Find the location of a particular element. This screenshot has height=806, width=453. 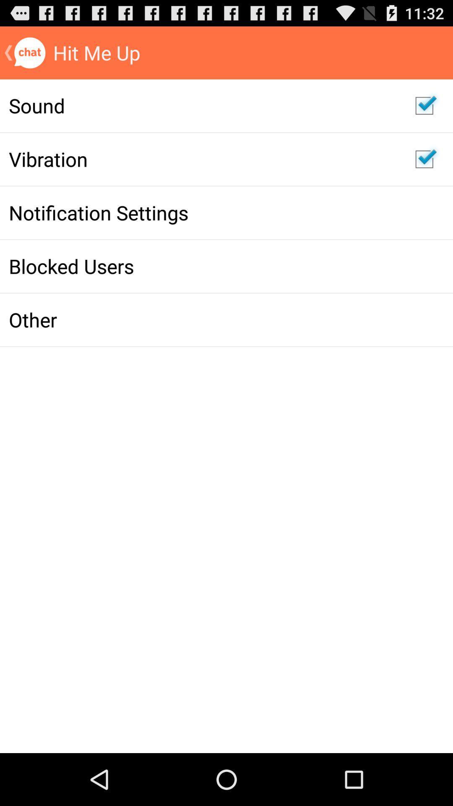

item below the blocked users item is located at coordinates (203, 319).